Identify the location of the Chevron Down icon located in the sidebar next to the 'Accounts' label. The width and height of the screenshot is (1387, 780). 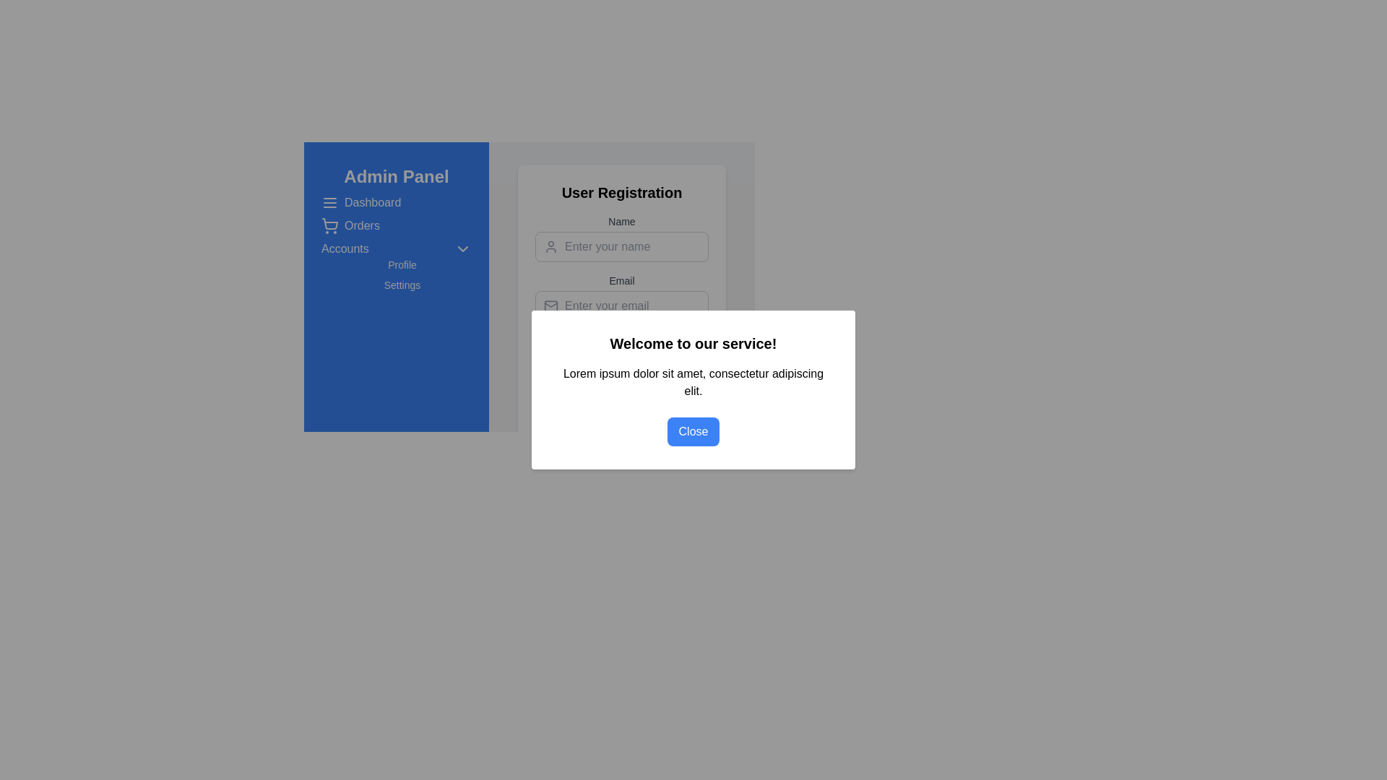
(463, 248).